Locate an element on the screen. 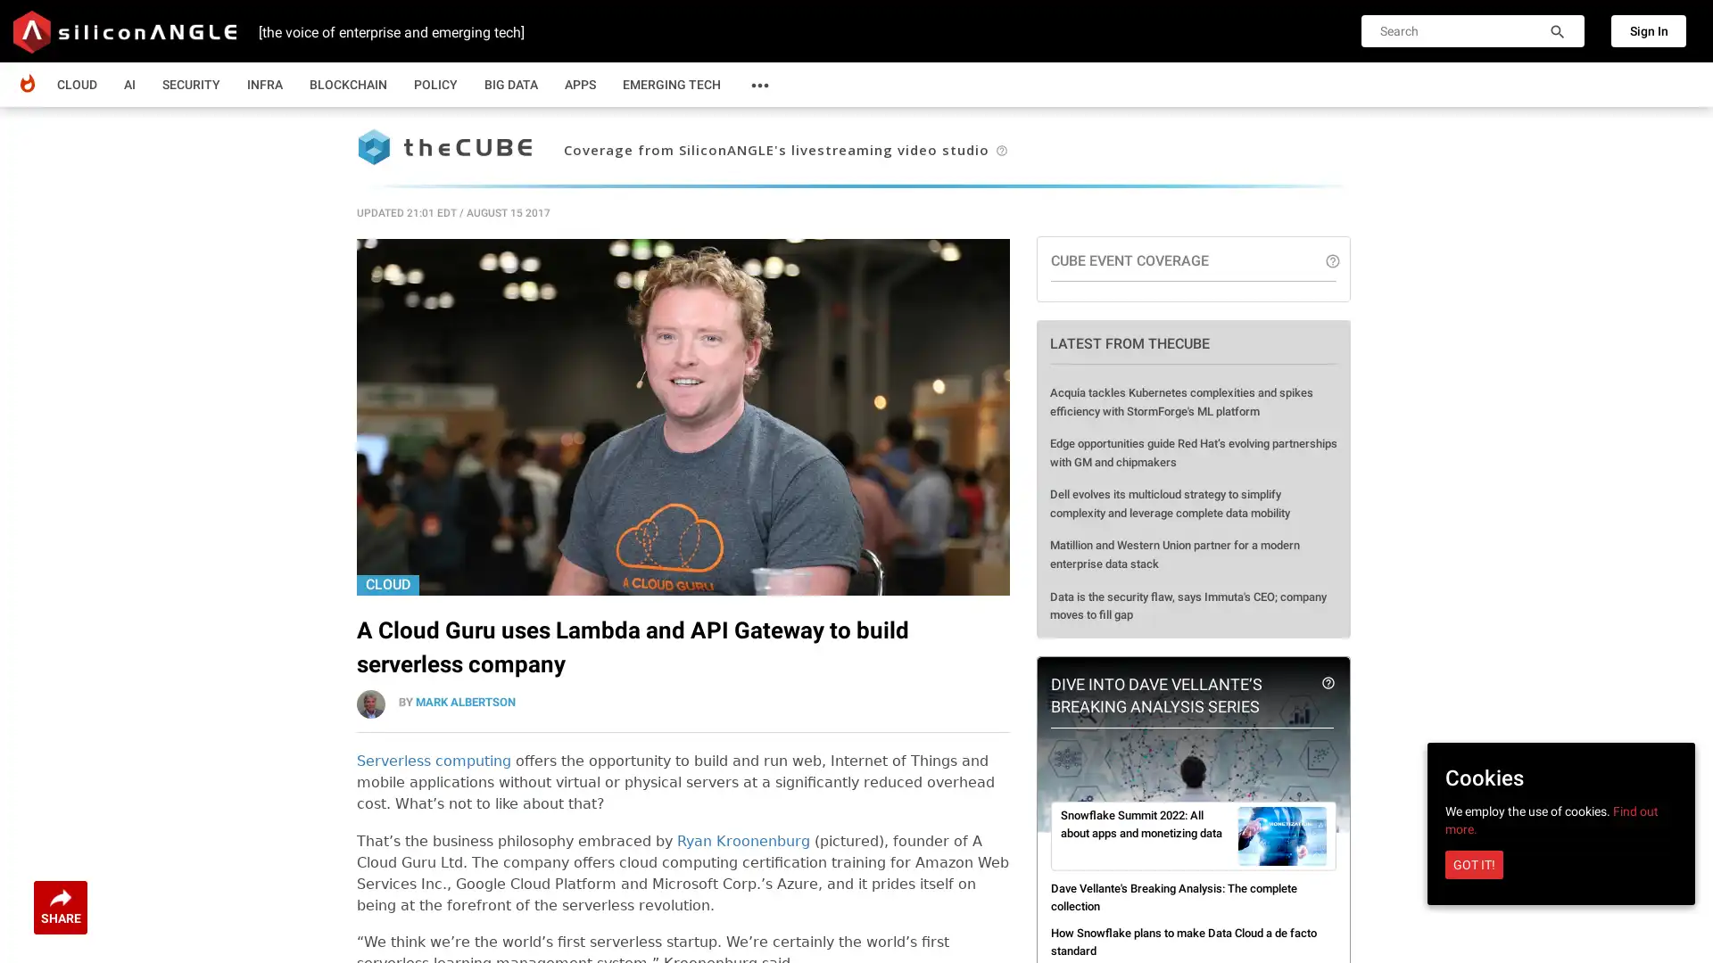 This screenshot has height=963, width=1713. Sign In is located at coordinates (1648, 30).